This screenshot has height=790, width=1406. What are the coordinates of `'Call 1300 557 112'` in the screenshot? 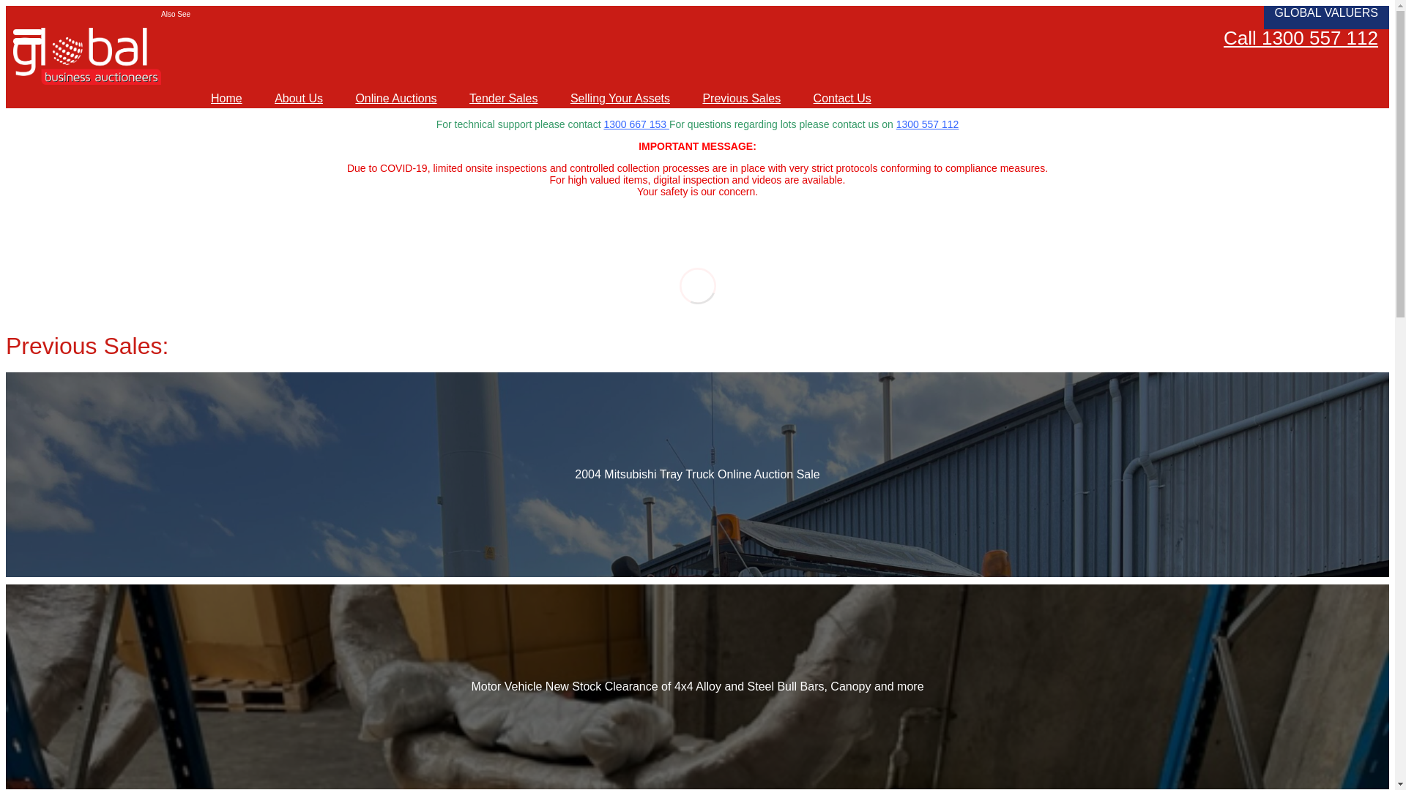 It's located at (1301, 37).